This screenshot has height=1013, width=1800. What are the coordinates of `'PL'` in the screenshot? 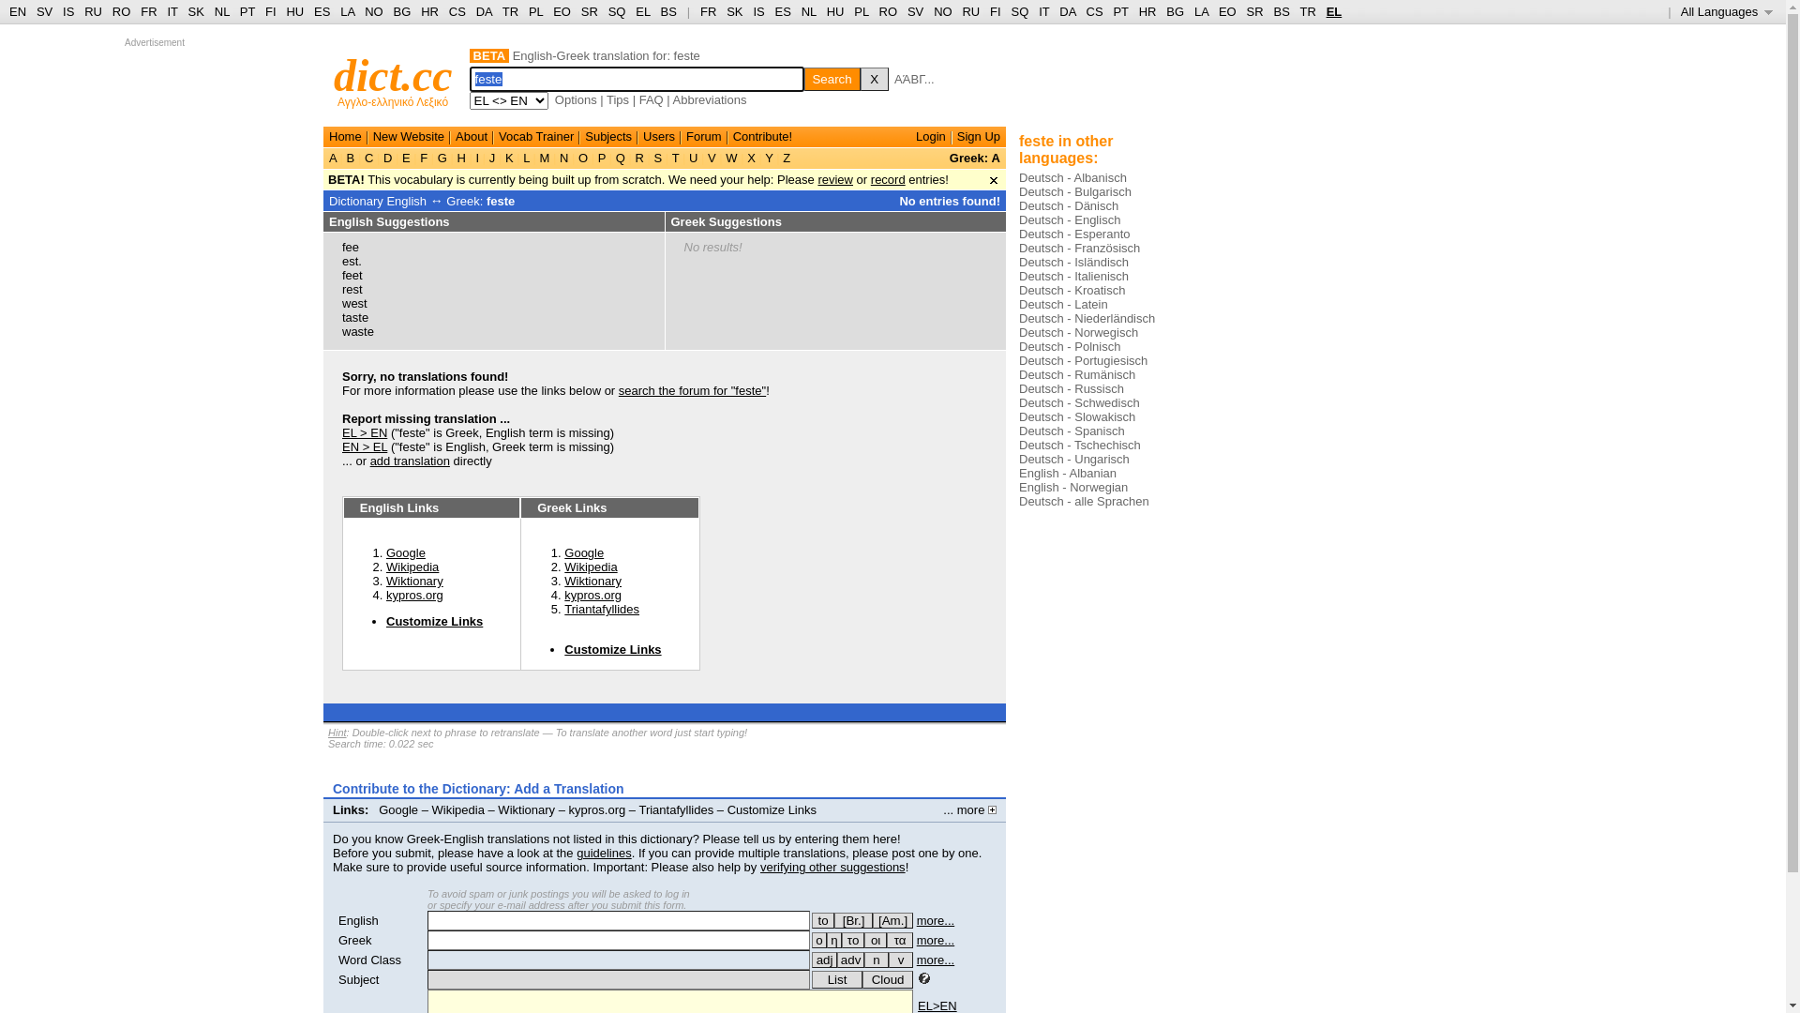 It's located at (534, 11).